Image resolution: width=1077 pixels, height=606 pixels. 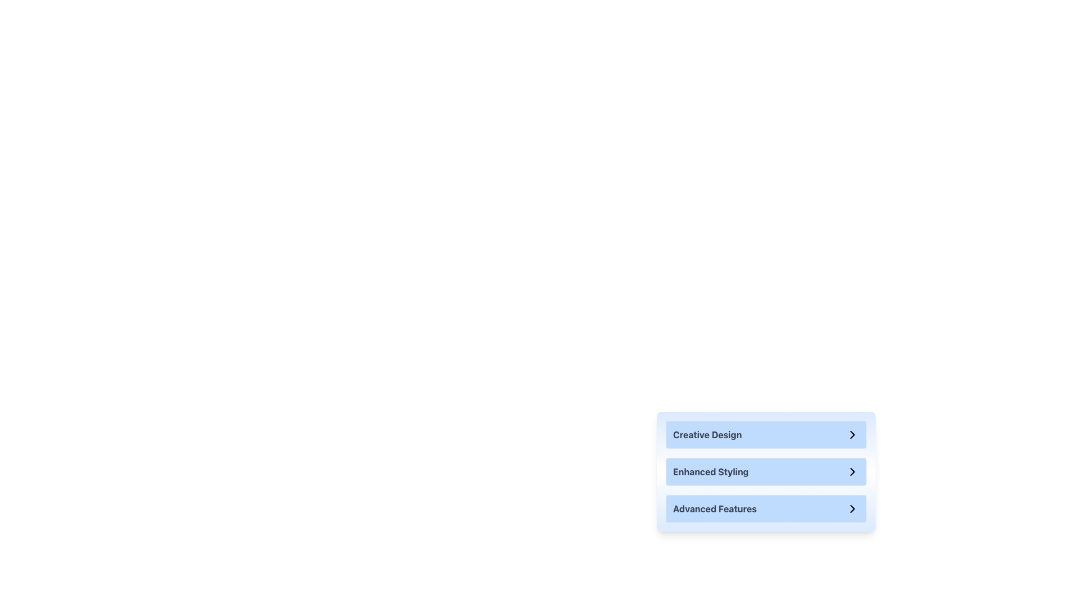 What do you see at coordinates (710, 471) in the screenshot?
I see `text of the Text Label indicating the title of the corresponding interactive section, located below 'Creative Design' and above 'Advanced Features' in the interface` at bounding box center [710, 471].